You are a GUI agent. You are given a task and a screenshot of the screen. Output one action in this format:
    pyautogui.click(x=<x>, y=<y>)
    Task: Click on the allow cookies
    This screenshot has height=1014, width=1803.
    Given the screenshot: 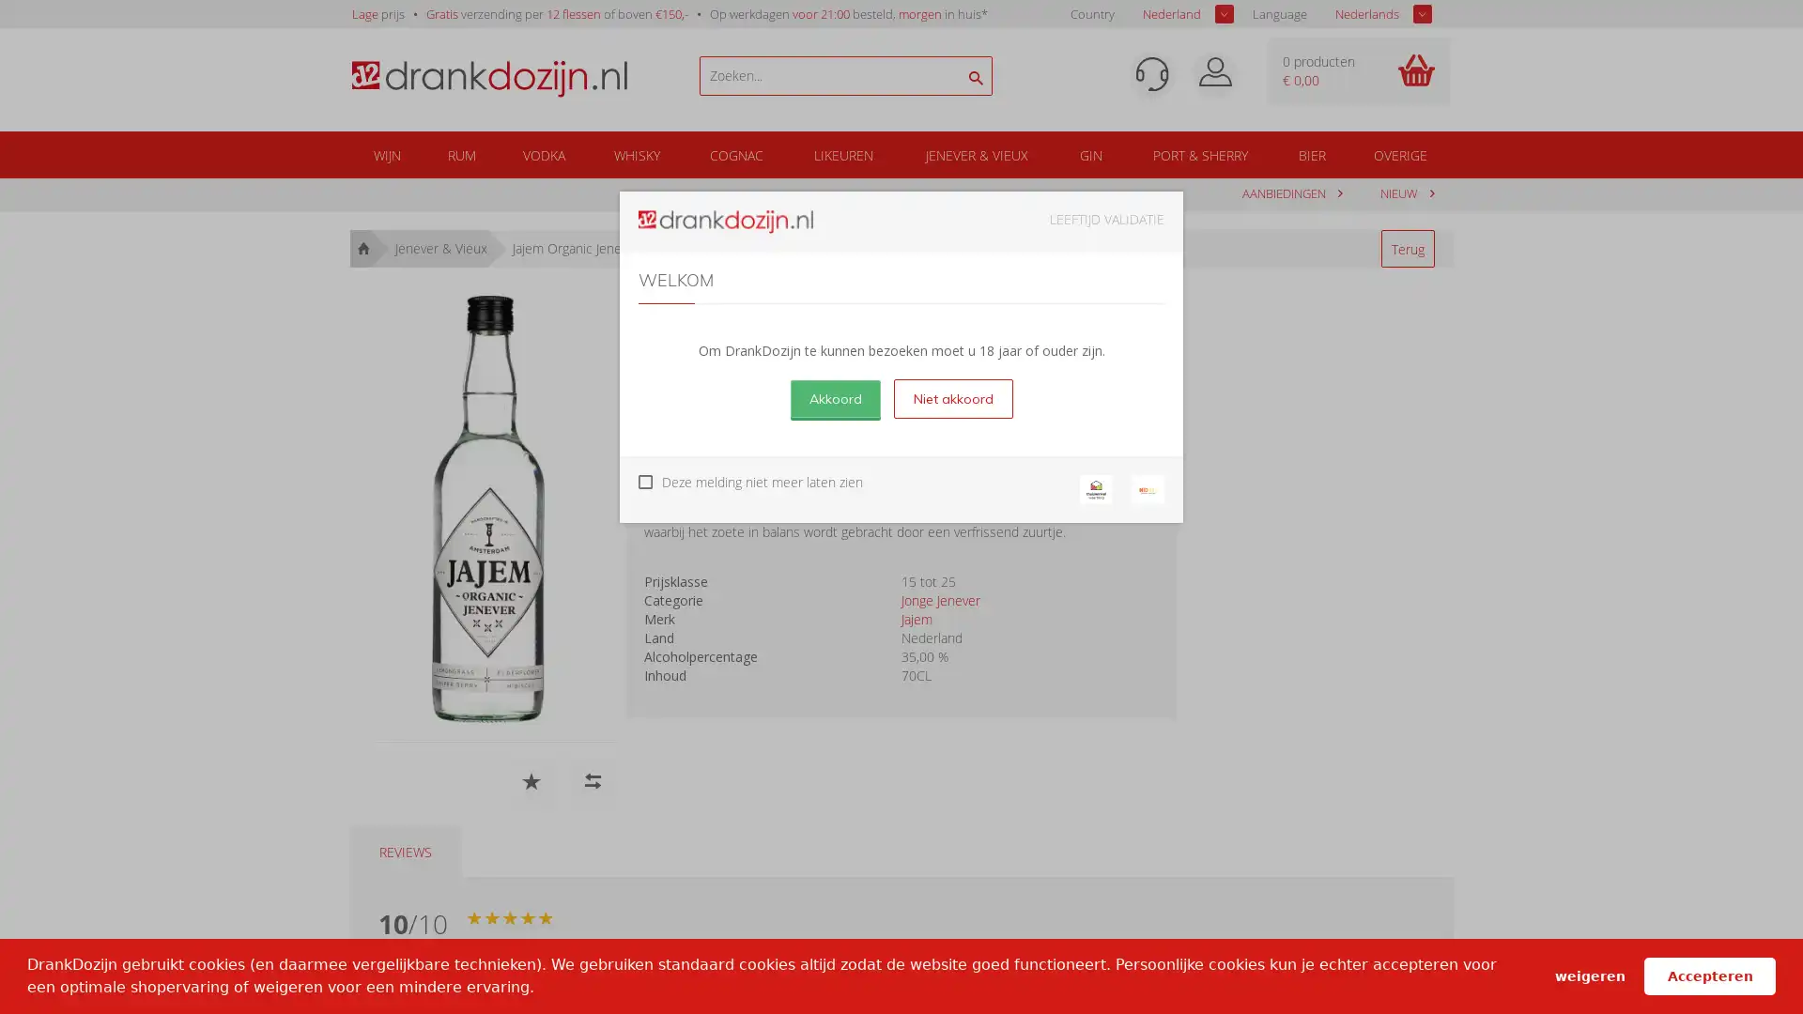 What is the action you would take?
    pyautogui.click(x=1709, y=975)
    